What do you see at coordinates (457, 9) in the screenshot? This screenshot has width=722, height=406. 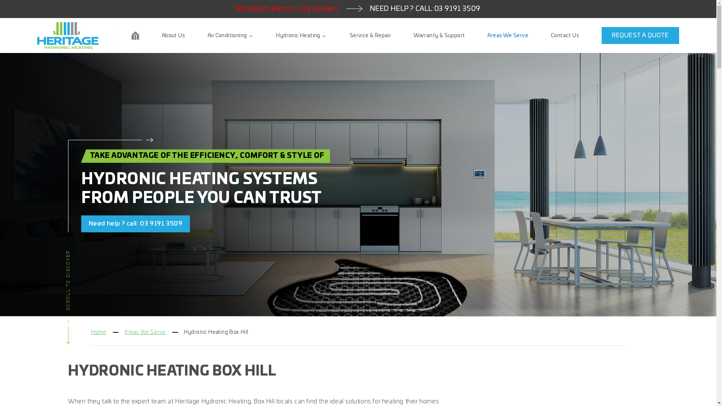 I see `'03 9191 3509'` at bounding box center [457, 9].